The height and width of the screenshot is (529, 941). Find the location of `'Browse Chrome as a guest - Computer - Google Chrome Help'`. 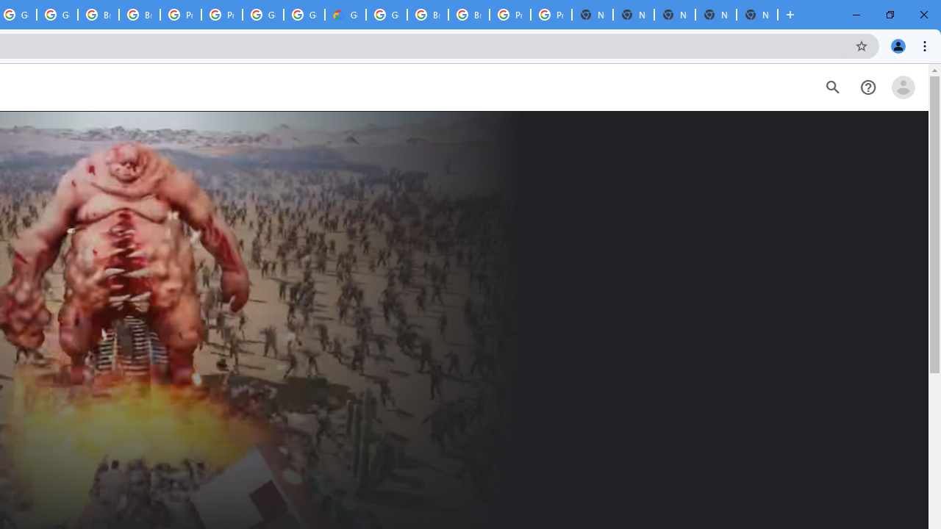

'Browse Chrome as a guest - Computer - Google Chrome Help' is located at coordinates (427, 15).